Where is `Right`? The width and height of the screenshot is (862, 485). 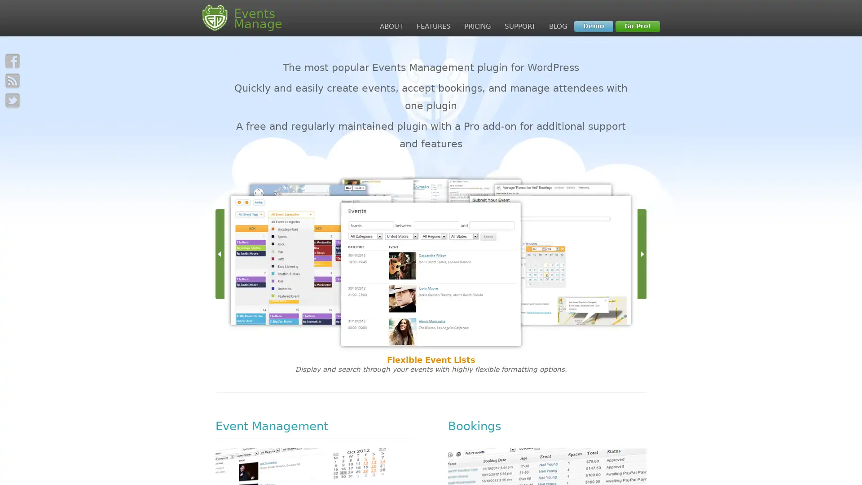 Right is located at coordinates (642, 253).